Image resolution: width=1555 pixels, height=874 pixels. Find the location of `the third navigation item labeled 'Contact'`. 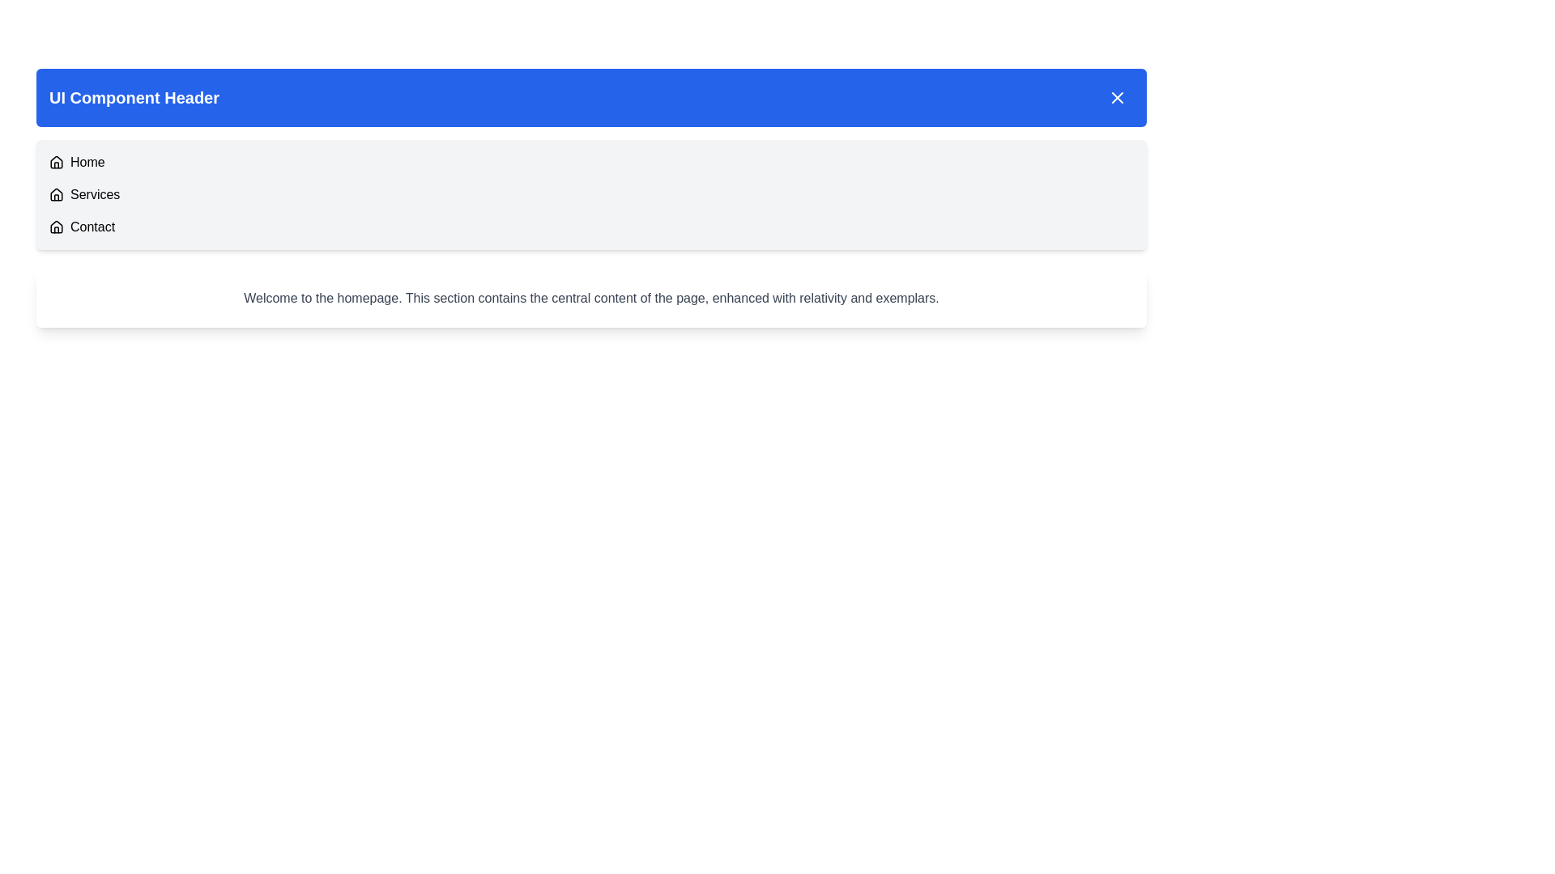

the third navigation item labeled 'Contact' is located at coordinates (590, 227).